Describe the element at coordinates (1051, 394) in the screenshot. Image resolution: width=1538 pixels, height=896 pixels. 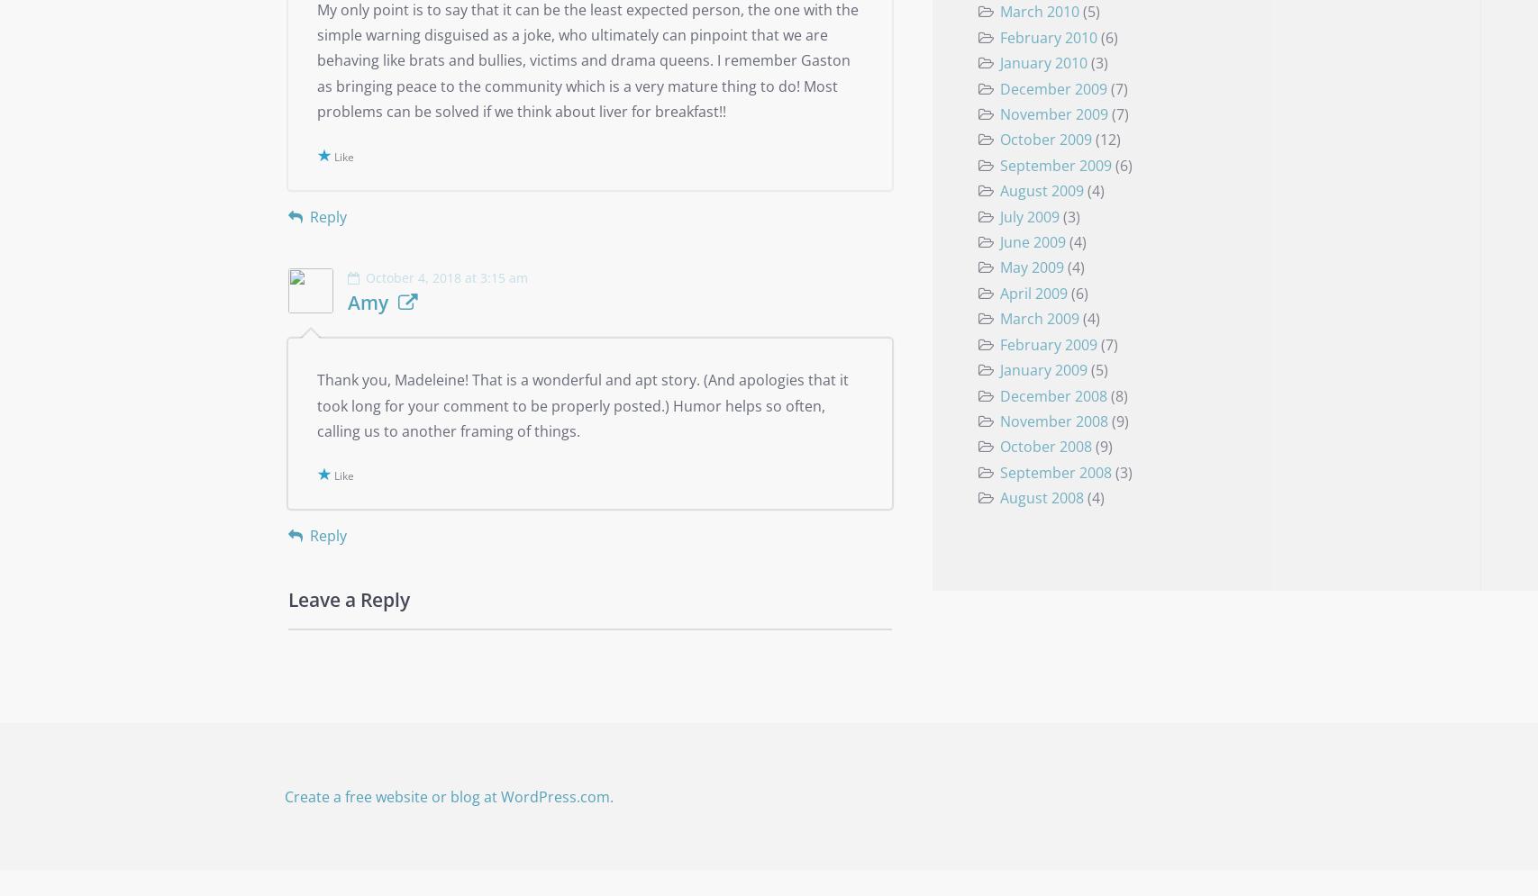
I see `'December 2008'` at that location.